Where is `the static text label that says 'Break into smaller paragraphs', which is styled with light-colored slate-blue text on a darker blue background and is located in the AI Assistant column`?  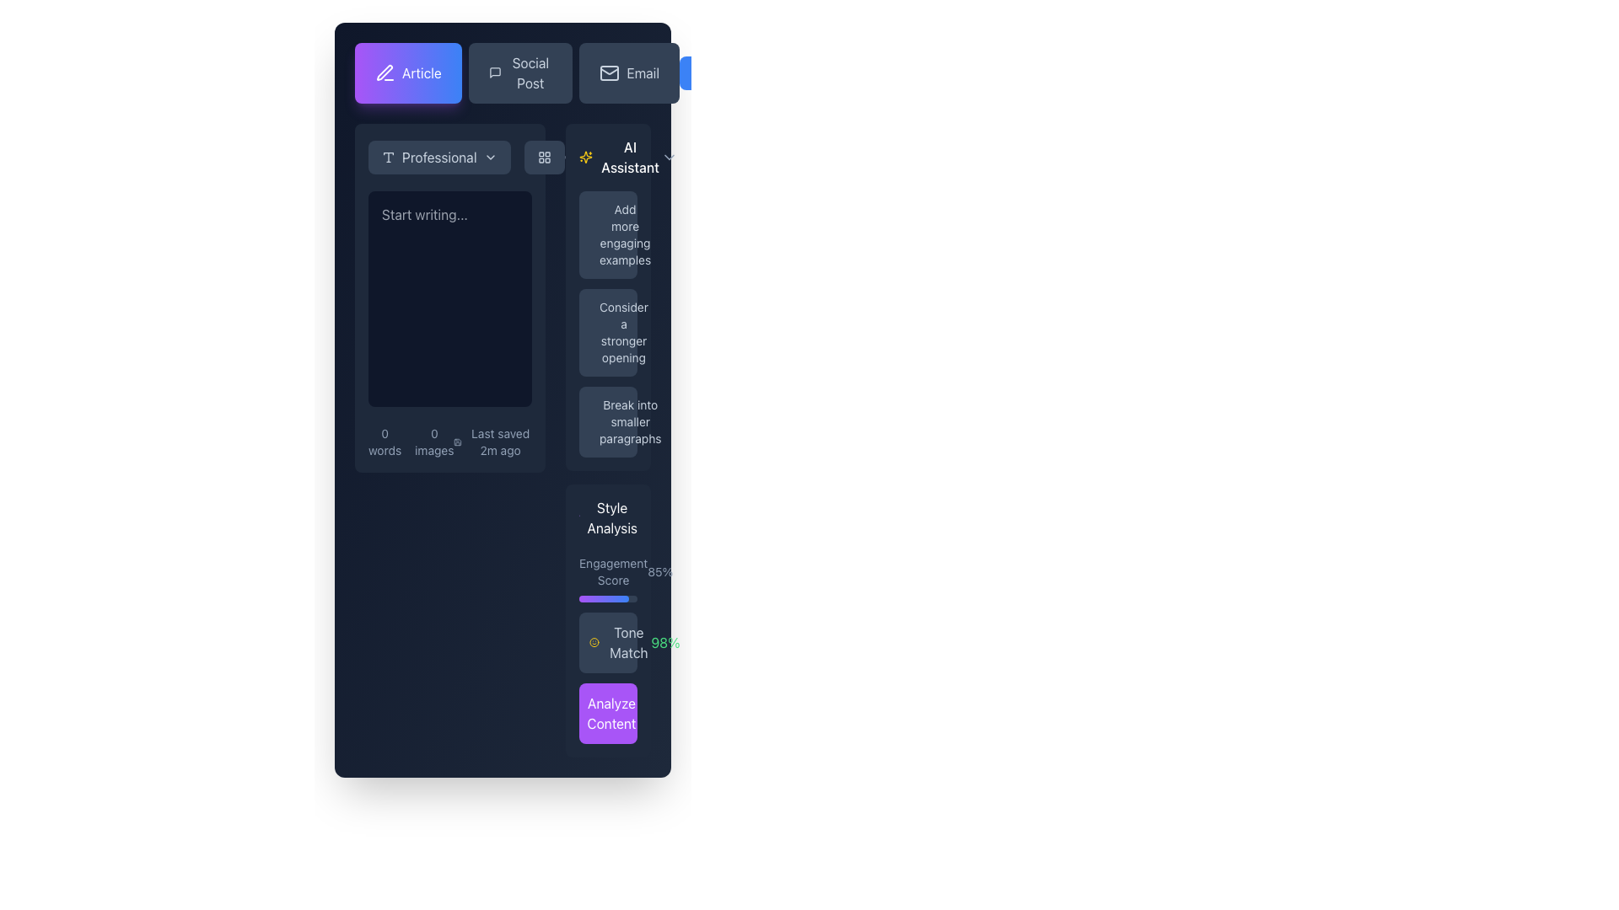
the static text label that says 'Break into smaller paragraphs', which is styled with light-colored slate-blue text on a darker blue background and is located in the AI Assistant column is located at coordinates (629, 421).